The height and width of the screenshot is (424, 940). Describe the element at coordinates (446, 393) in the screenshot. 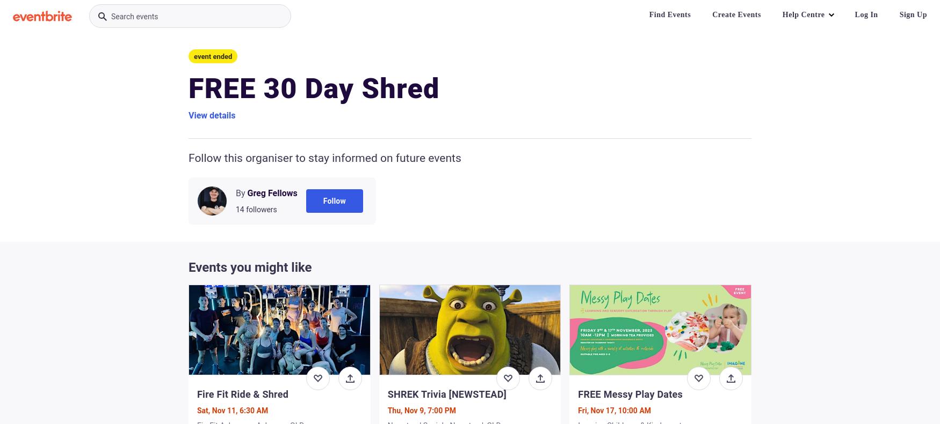

I see `'SHREK Trivia [NEWSTEAD]'` at that location.